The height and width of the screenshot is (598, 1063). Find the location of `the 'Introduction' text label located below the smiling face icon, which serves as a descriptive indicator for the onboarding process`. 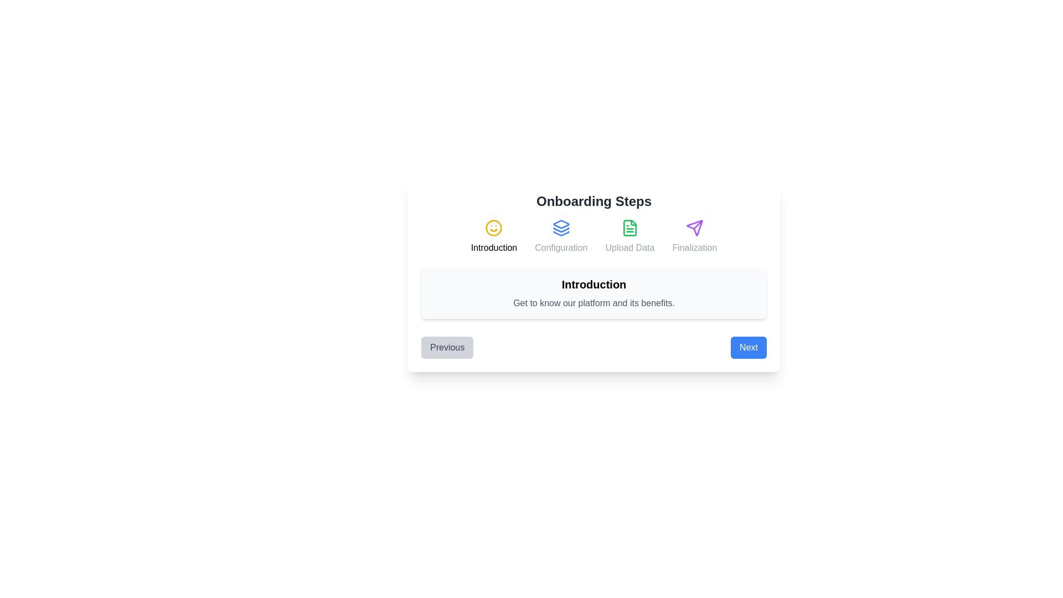

the 'Introduction' text label located below the smiling face icon, which serves as a descriptive indicator for the onboarding process is located at coordinates (493, 247).